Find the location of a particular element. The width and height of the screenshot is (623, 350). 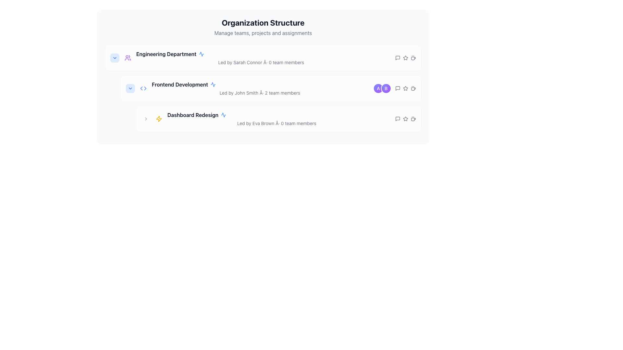

the third icon from the left, which serves as a rating or favorite marker, located in the second entry of the organizational layout is located at coordinates (405, 88).